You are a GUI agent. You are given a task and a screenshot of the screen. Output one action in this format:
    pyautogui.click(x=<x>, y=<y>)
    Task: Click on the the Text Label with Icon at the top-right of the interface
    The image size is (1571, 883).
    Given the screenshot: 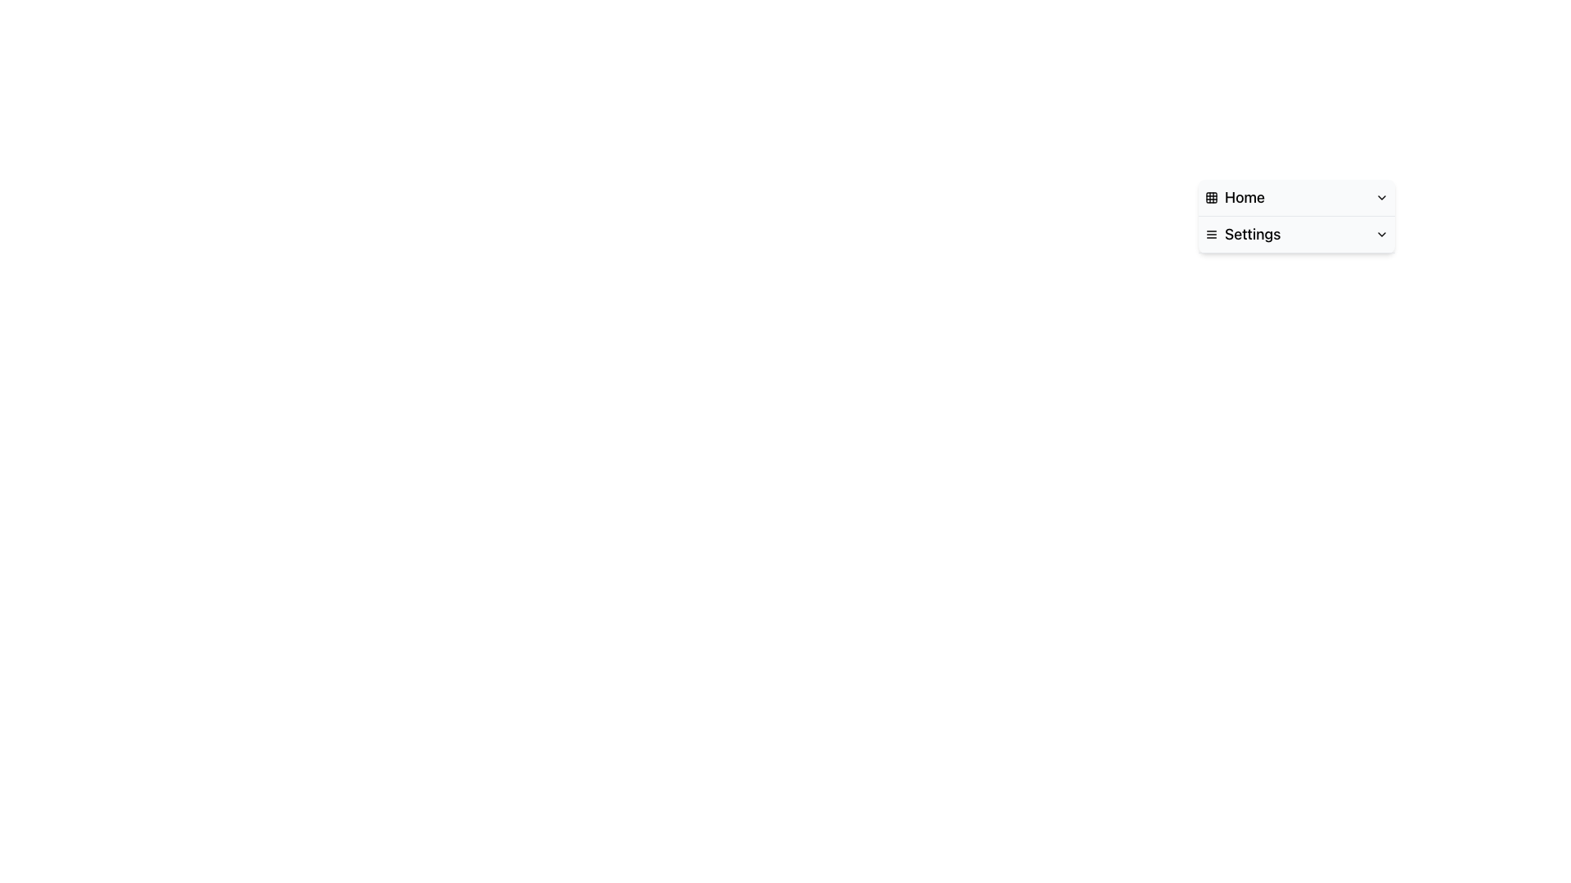 What is the action you would take?
    pyautogui.click(x=1235, y=197)
    